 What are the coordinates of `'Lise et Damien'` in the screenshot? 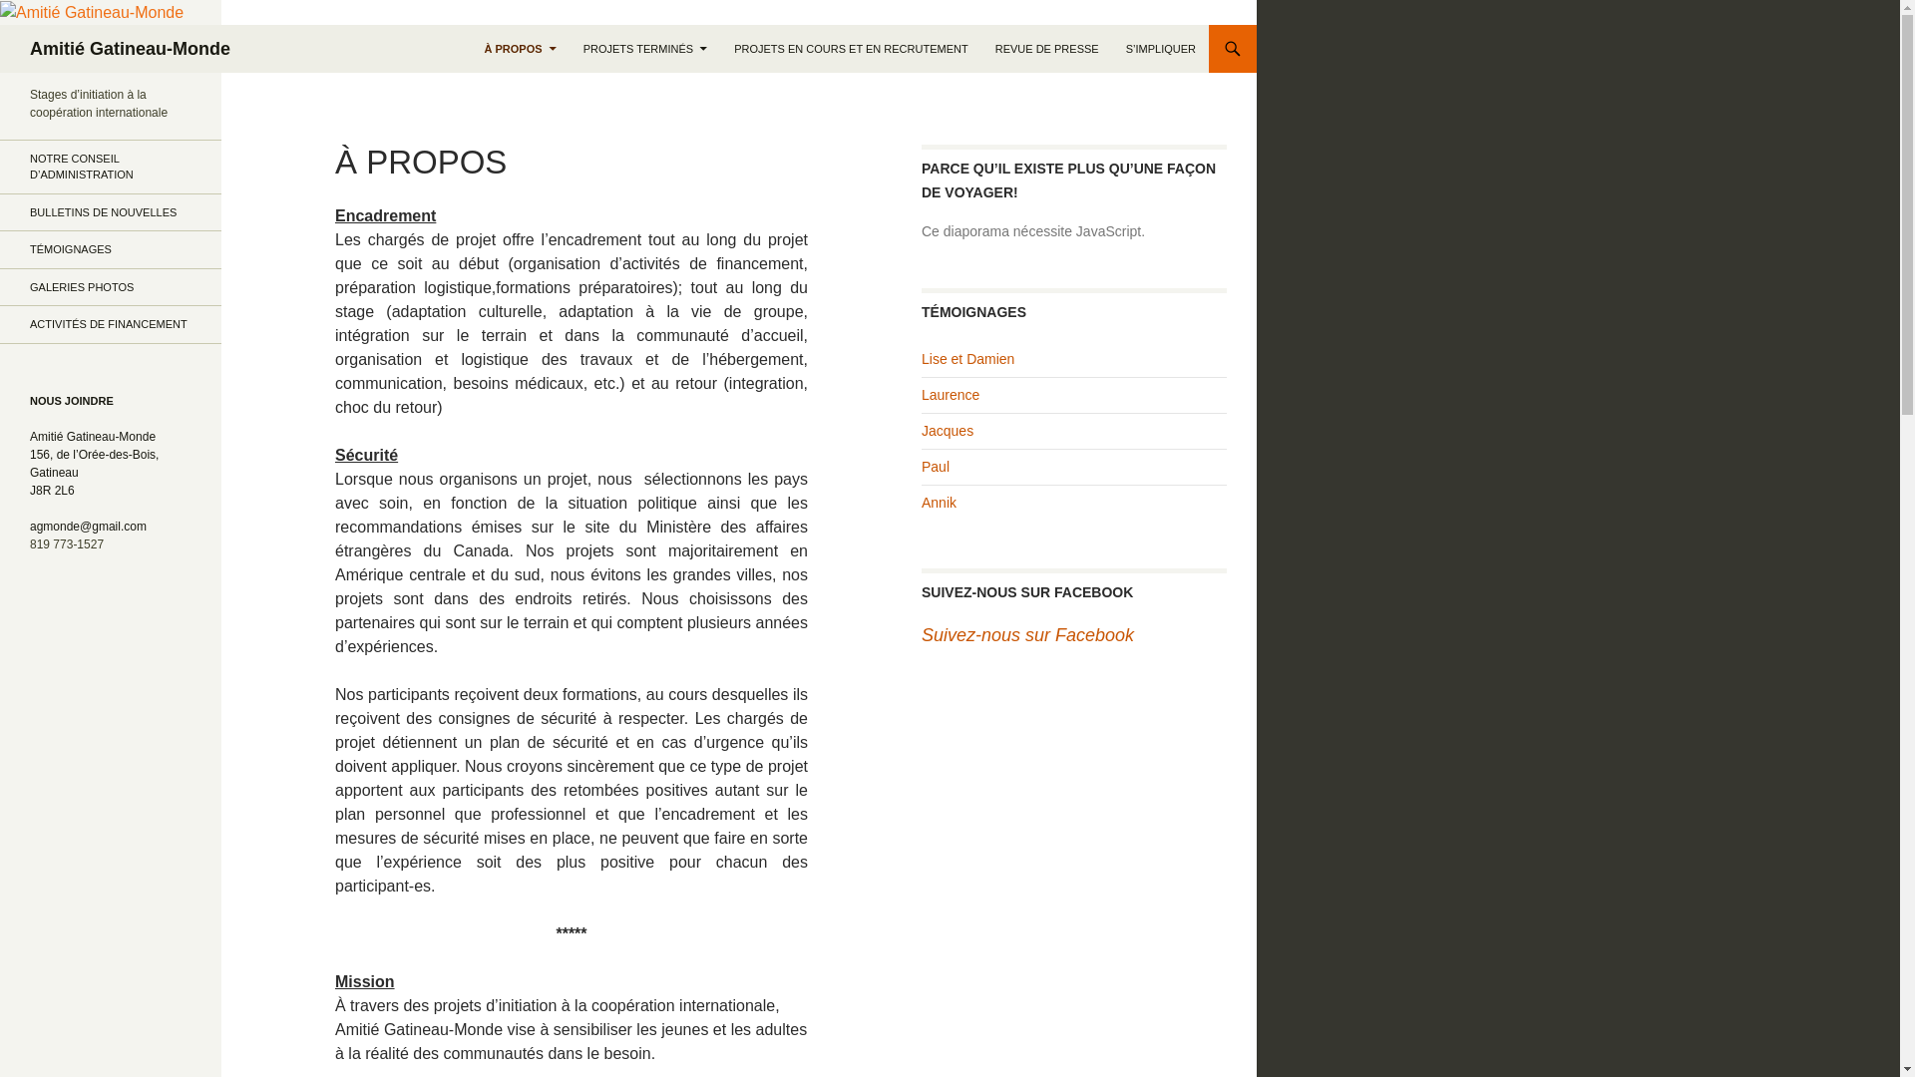 It's located at (967, 357).